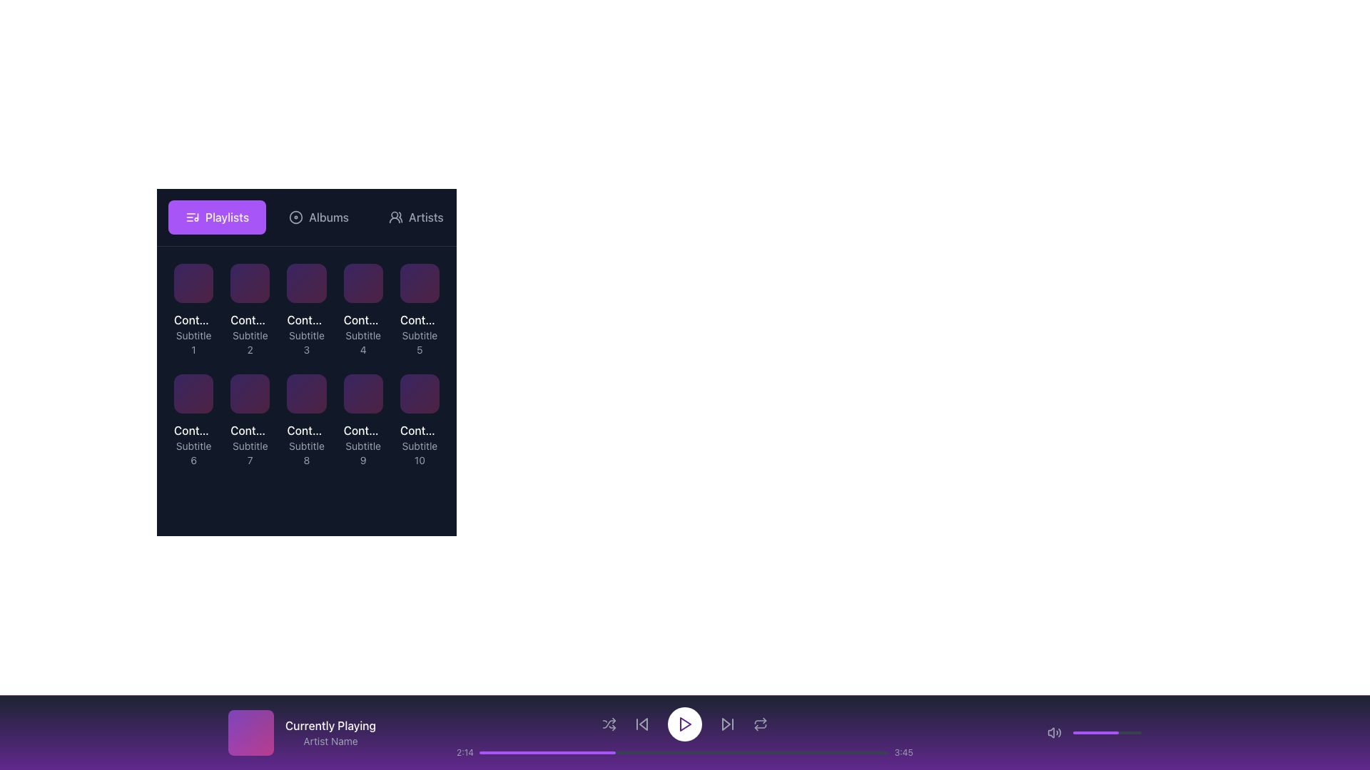  What do you see at coordinates (839, 752) in the screenshot?
I see `progress` at bounding box center [839, 752].